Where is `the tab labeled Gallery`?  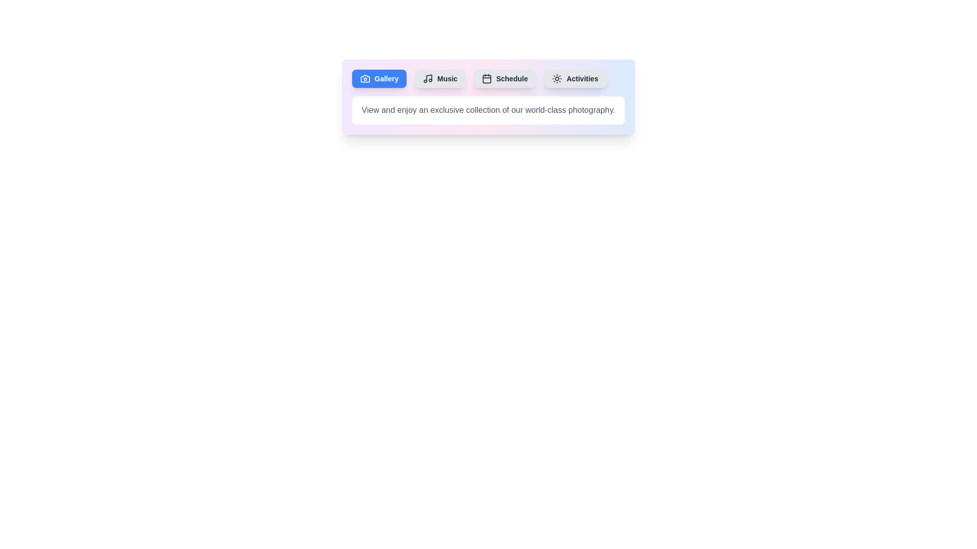 the tab labeled Gallery is located at coordinates (379, 78).